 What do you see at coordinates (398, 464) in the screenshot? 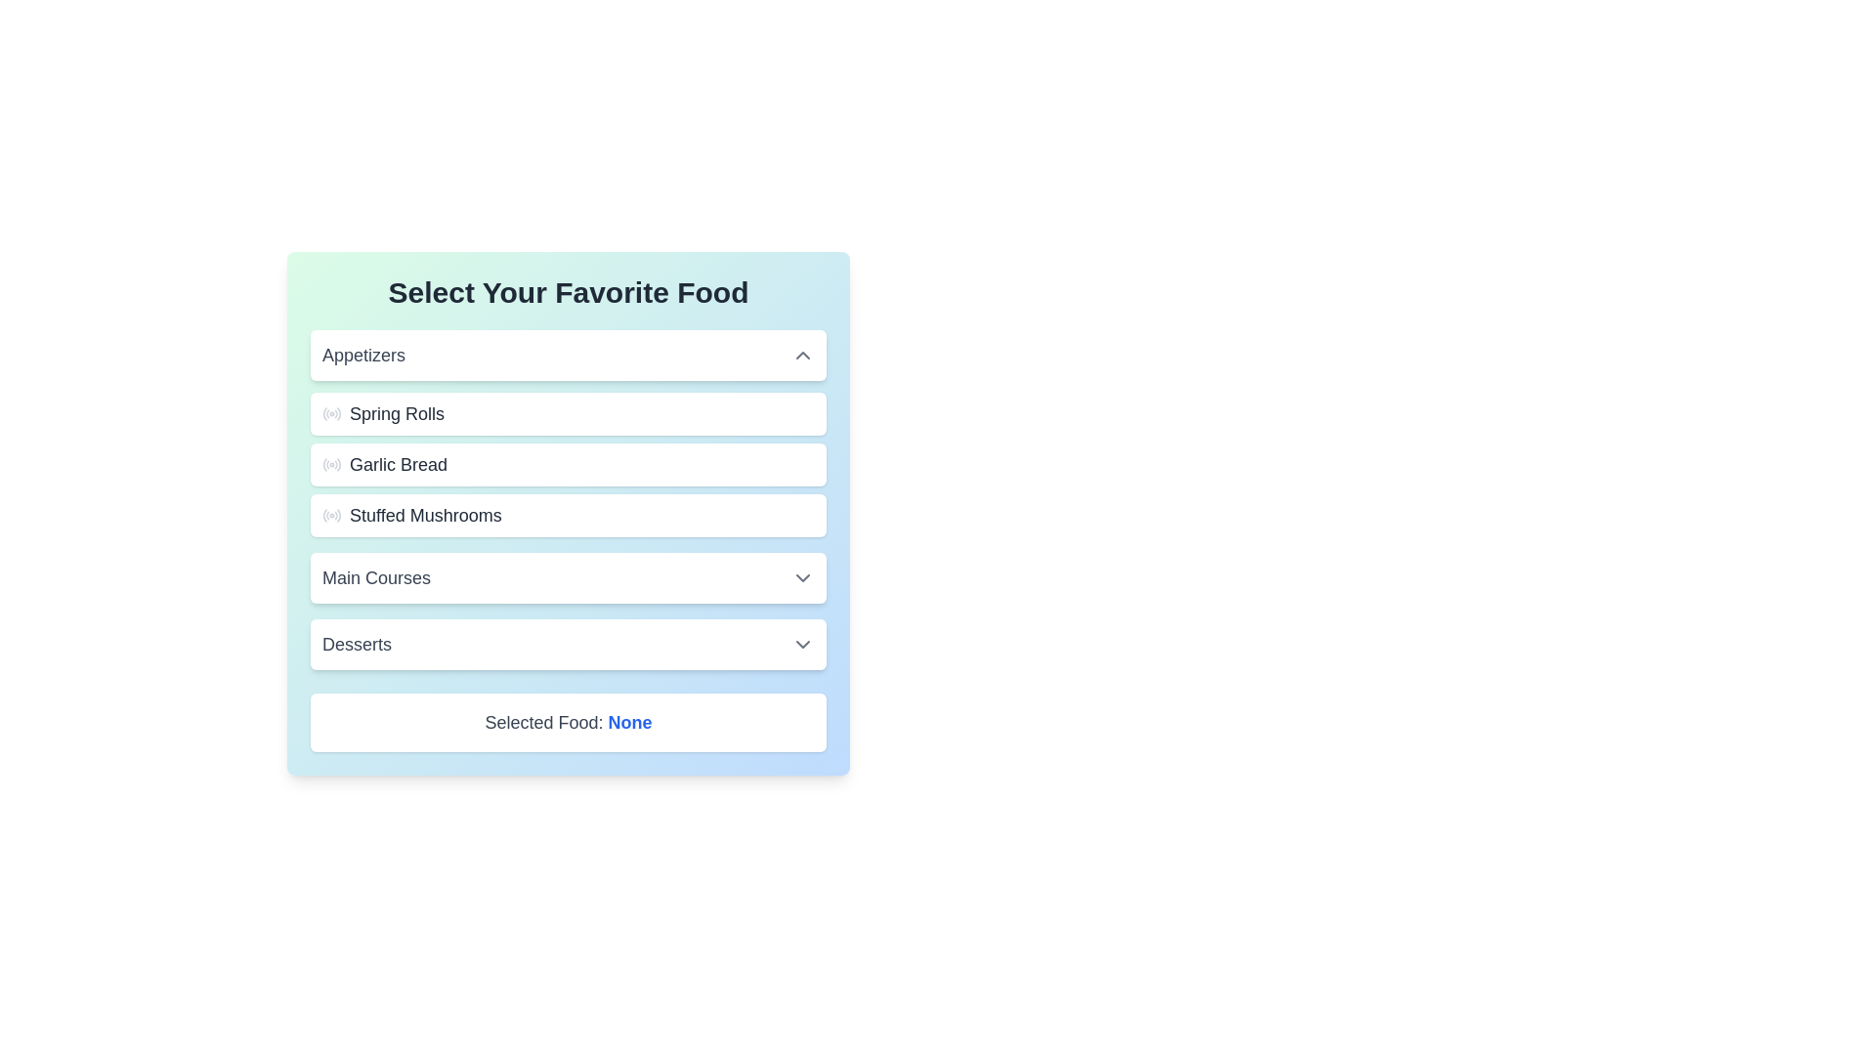
I see `the 'Garlic Bread' text label in the appetizers menu` at bounding box center [398, 464].